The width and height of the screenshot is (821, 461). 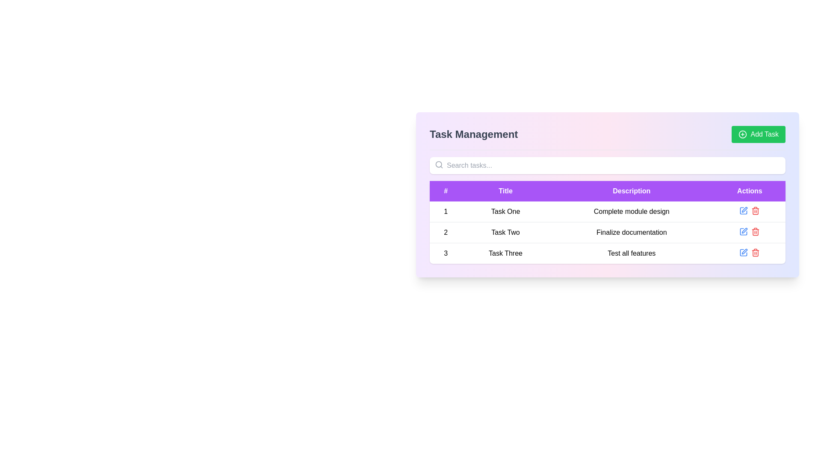 What do you see at coordinates (743, 252) in the screenshot?
I see `the square shape within the SVG icon representing an editing tool, located in the third row of actions under the 'Actions' column next to 'Task Three'` at bounding box center [743, 252].